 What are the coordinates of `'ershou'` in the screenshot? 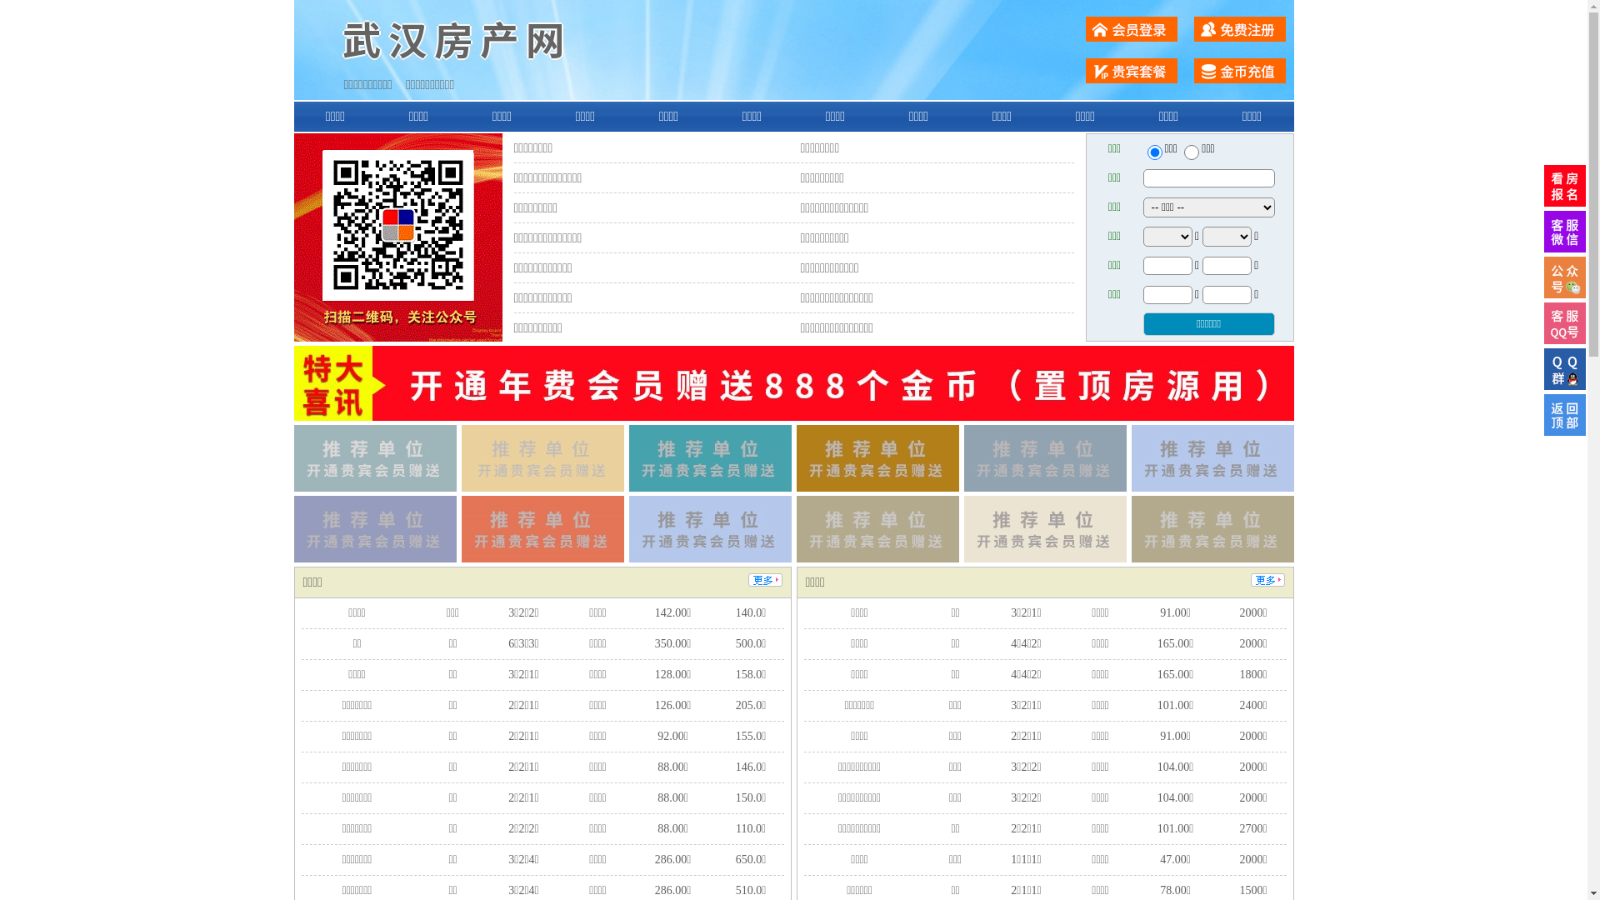 It's located at (1153, 152).